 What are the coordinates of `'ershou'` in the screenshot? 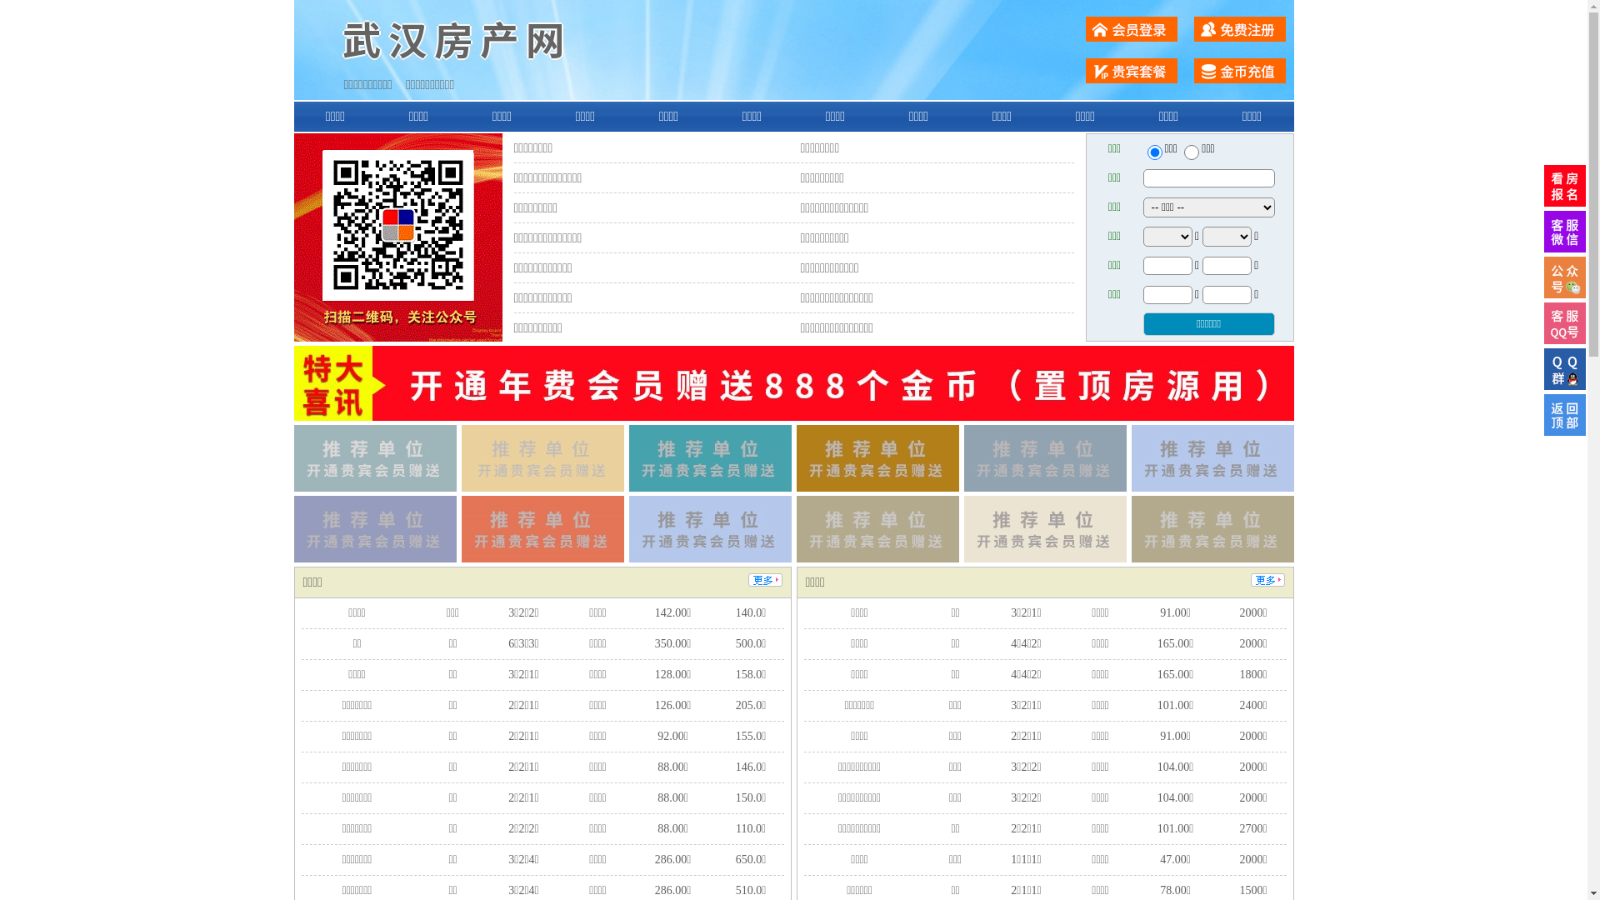 It's located at (1153, 152).